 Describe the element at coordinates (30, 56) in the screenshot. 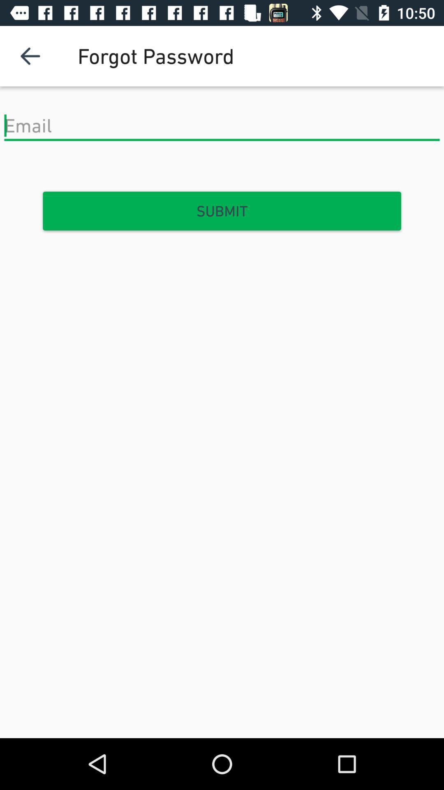

I see `icon next to forgot password icon` at that location.